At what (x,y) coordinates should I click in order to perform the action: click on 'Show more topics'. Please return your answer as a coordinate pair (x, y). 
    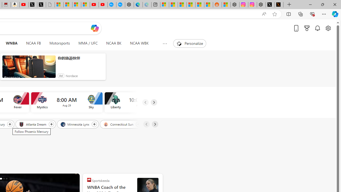
    Looking at the image, I should click on (164, 43).